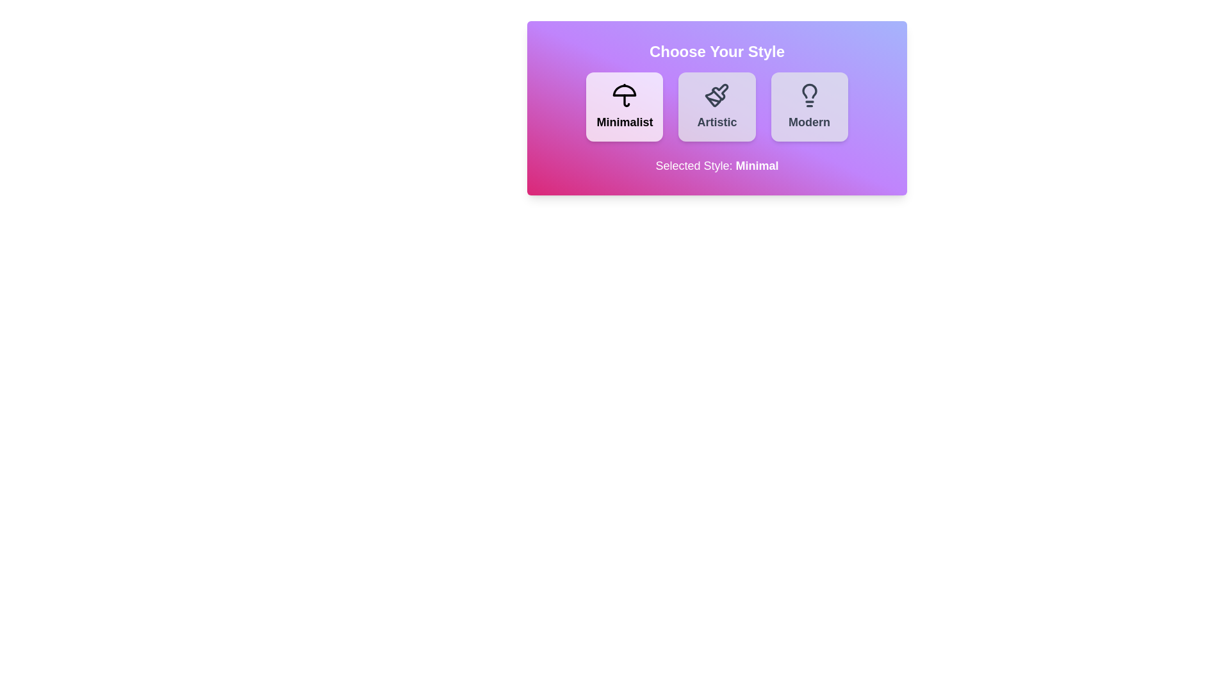 This screenshot has width=1230, height=692. Describe the element at coordinates (808, 106) in the screenshot. I see `the button corresponding to Modern to select the desired style` at that location.